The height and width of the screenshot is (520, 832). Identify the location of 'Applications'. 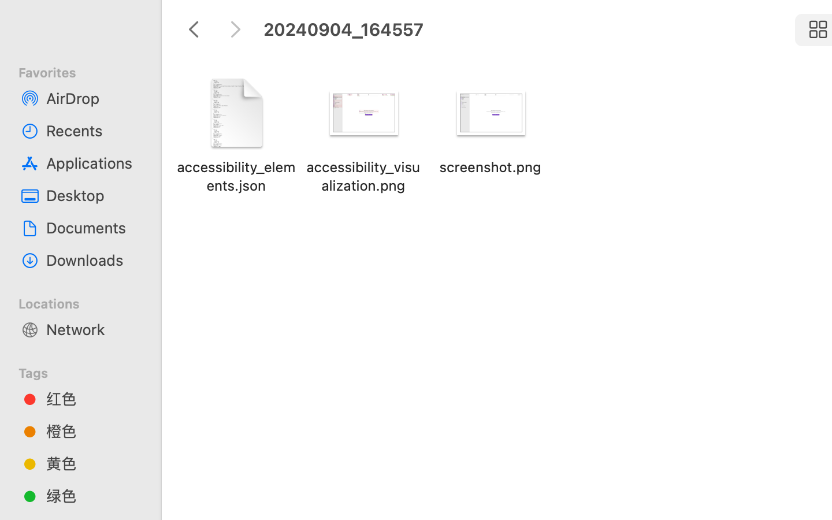
(92, 162).